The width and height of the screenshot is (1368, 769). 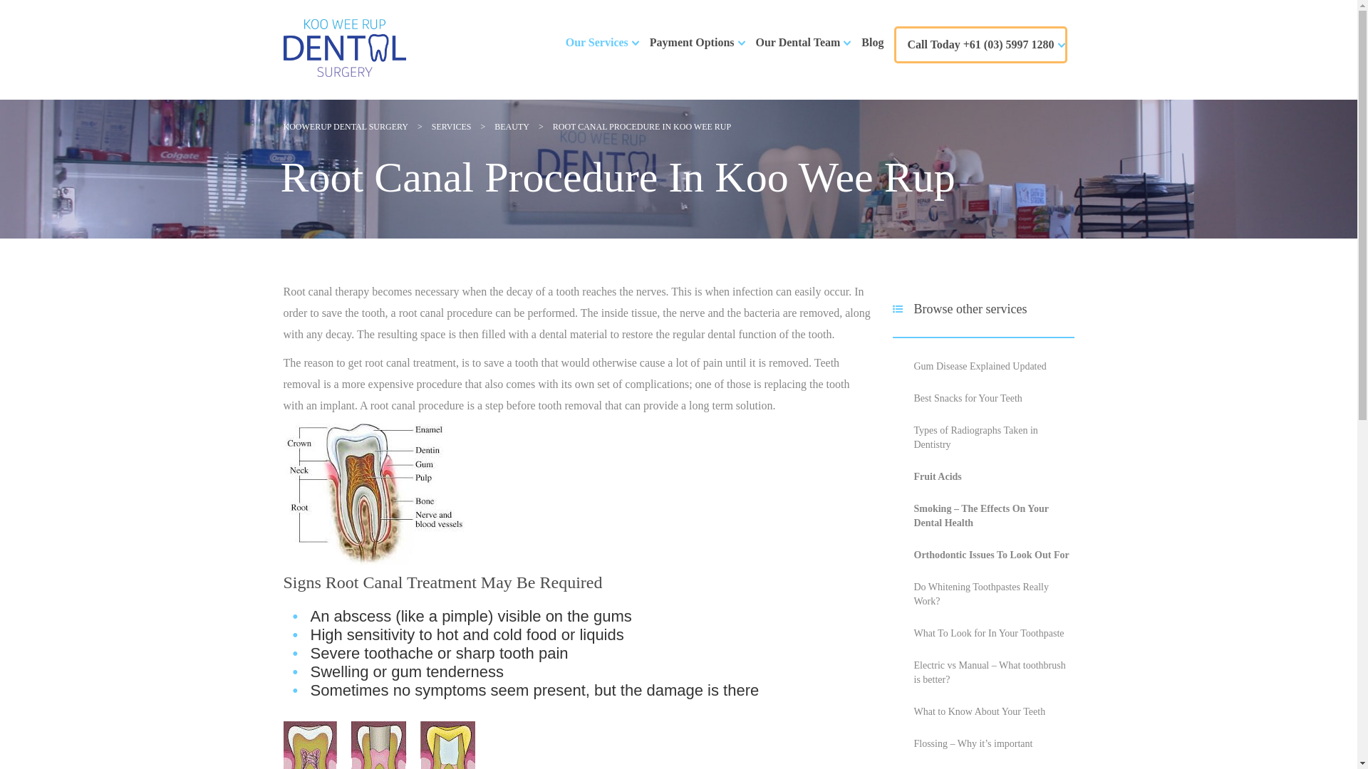 What do you see at coordinates (937, 476) in the screenshot?
I see `'Fruit Acids'` at bounding box center [937, 476].